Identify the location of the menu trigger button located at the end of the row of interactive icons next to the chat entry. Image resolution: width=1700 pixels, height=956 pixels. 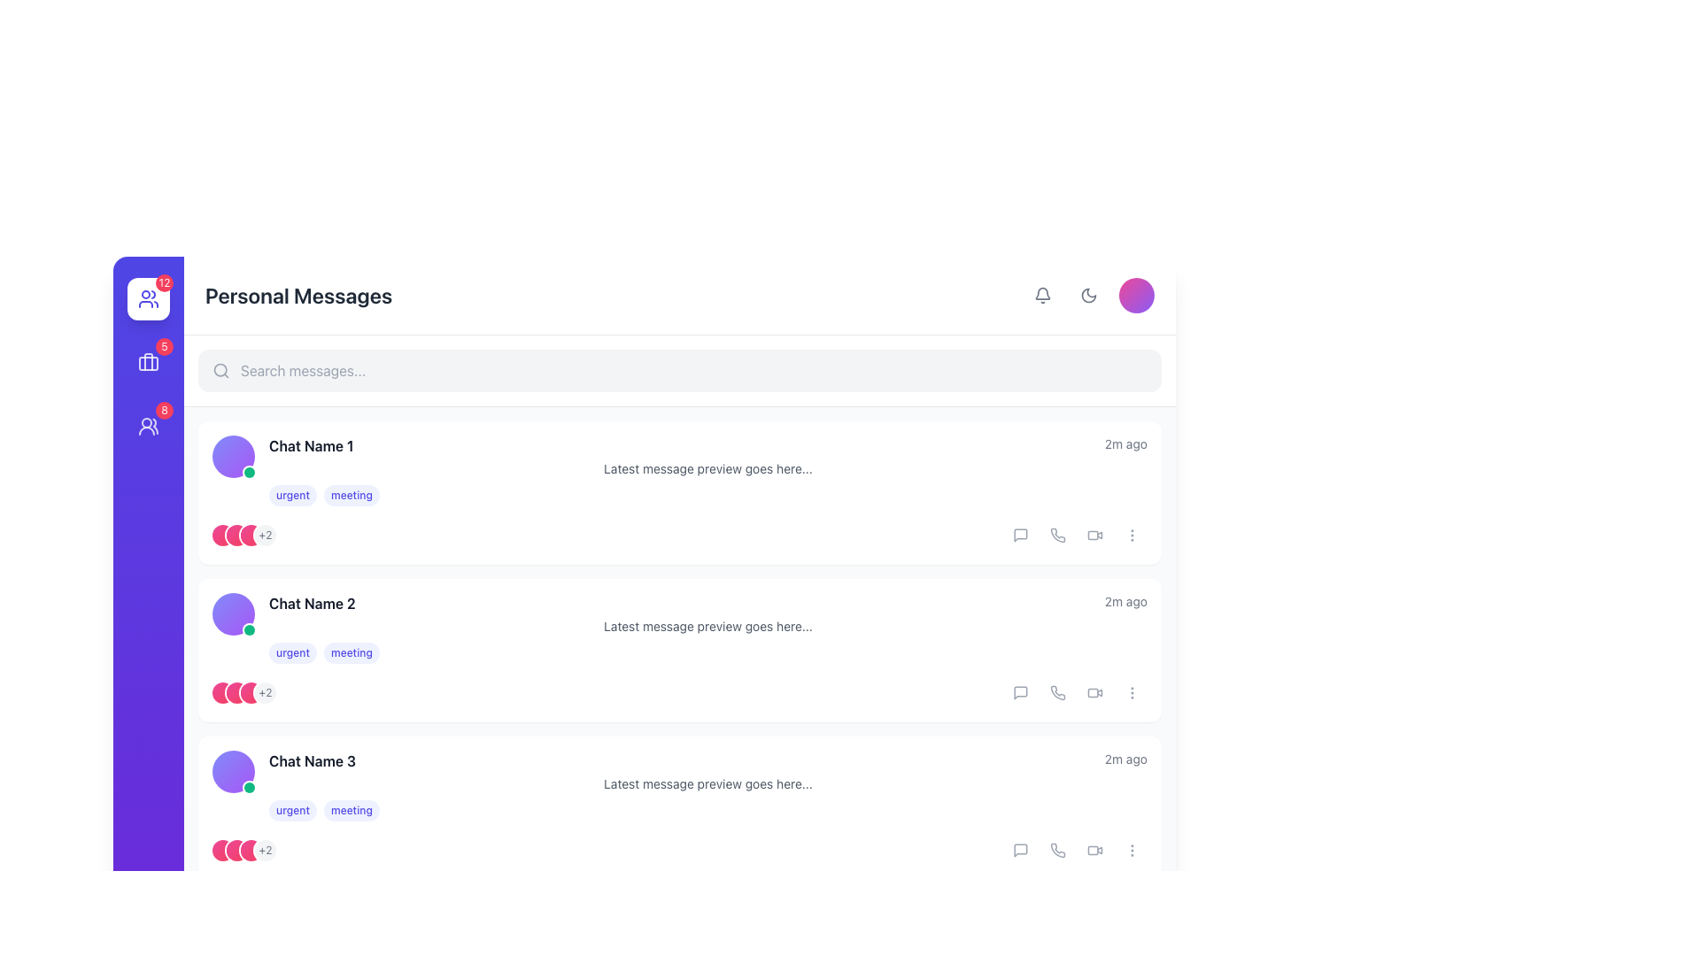
(1131, 692).